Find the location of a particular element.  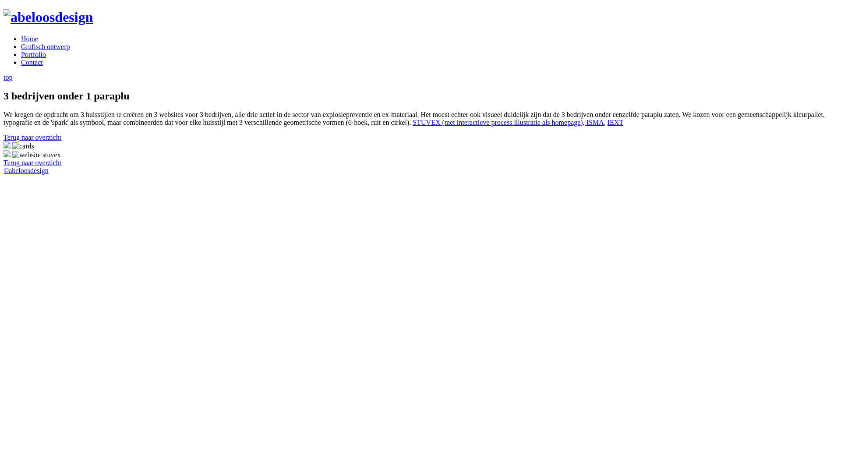

'ISMA' is located at coordinates (595, 122).